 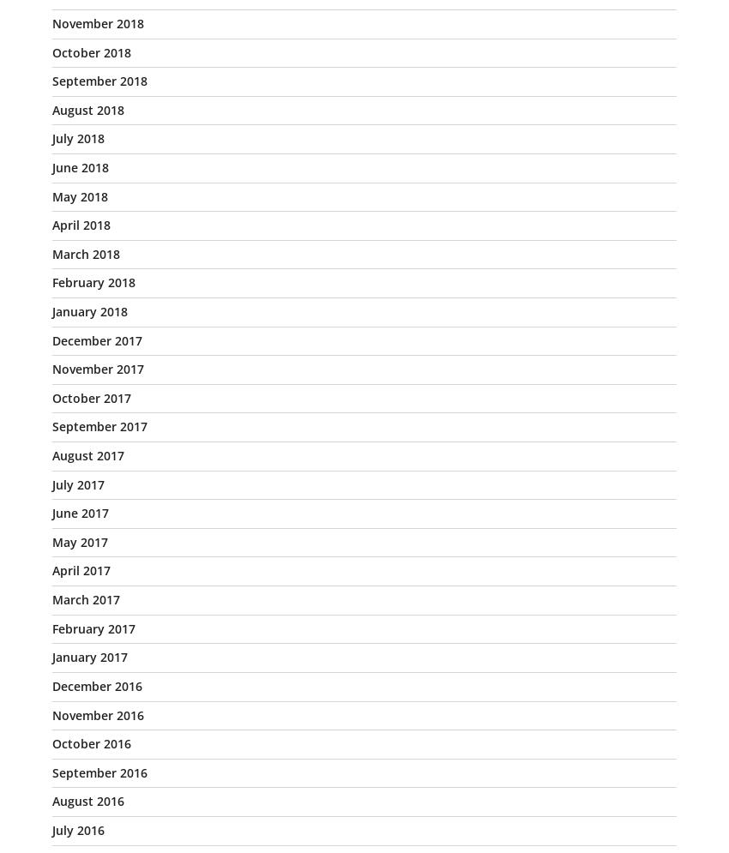 What do you see at coordinates (93, 282) in the screenshot?
I see `'February 2018'` at bounding box center [93, 282].